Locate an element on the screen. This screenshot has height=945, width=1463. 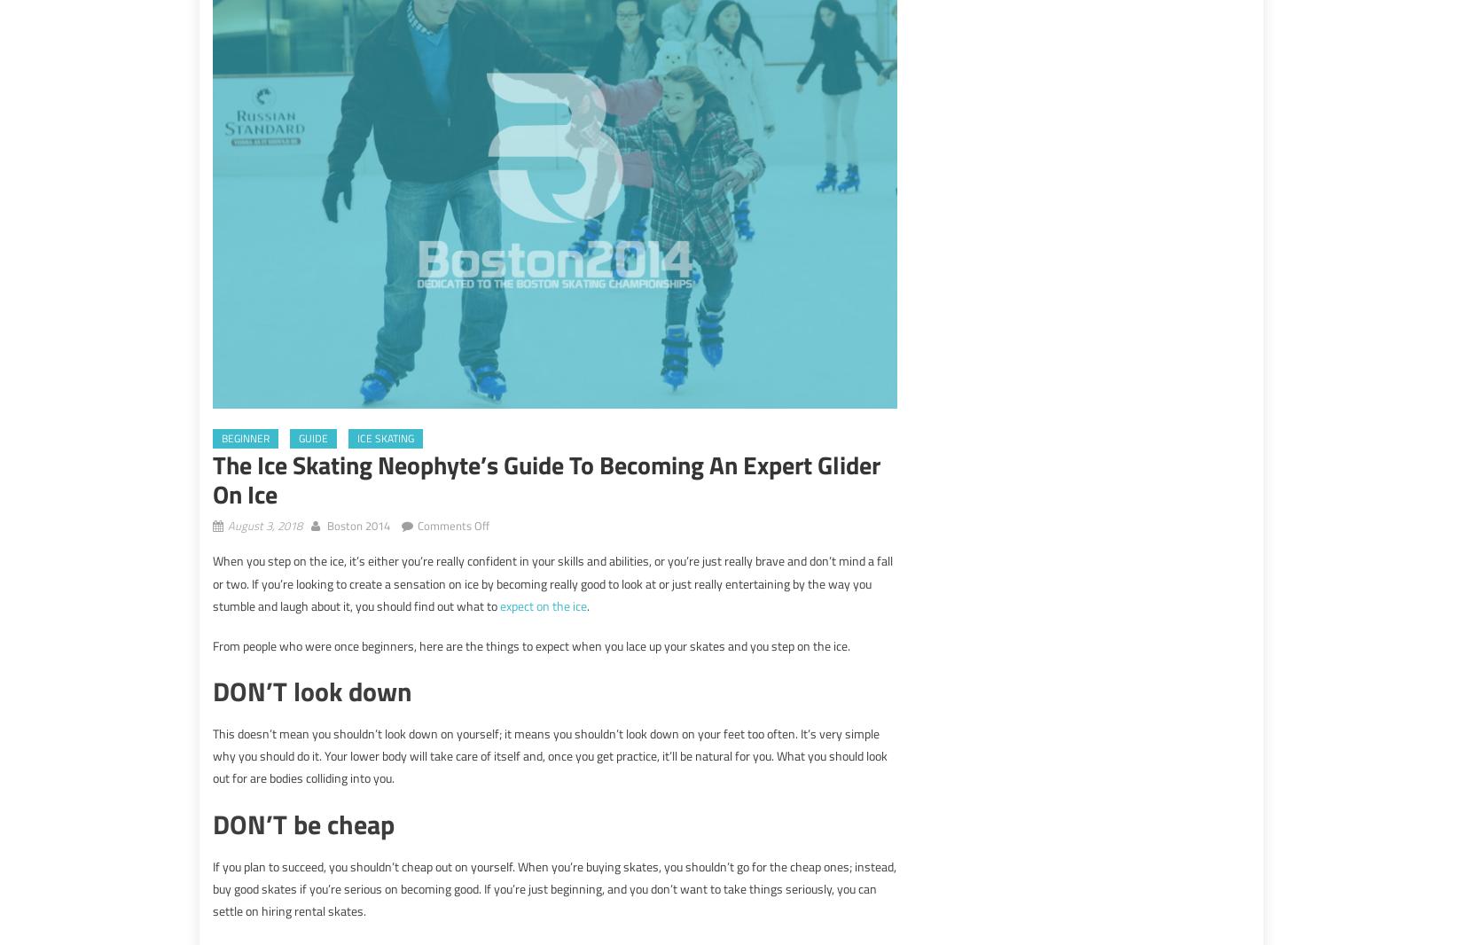
'ice skating' is located at coordinates (384, 438).